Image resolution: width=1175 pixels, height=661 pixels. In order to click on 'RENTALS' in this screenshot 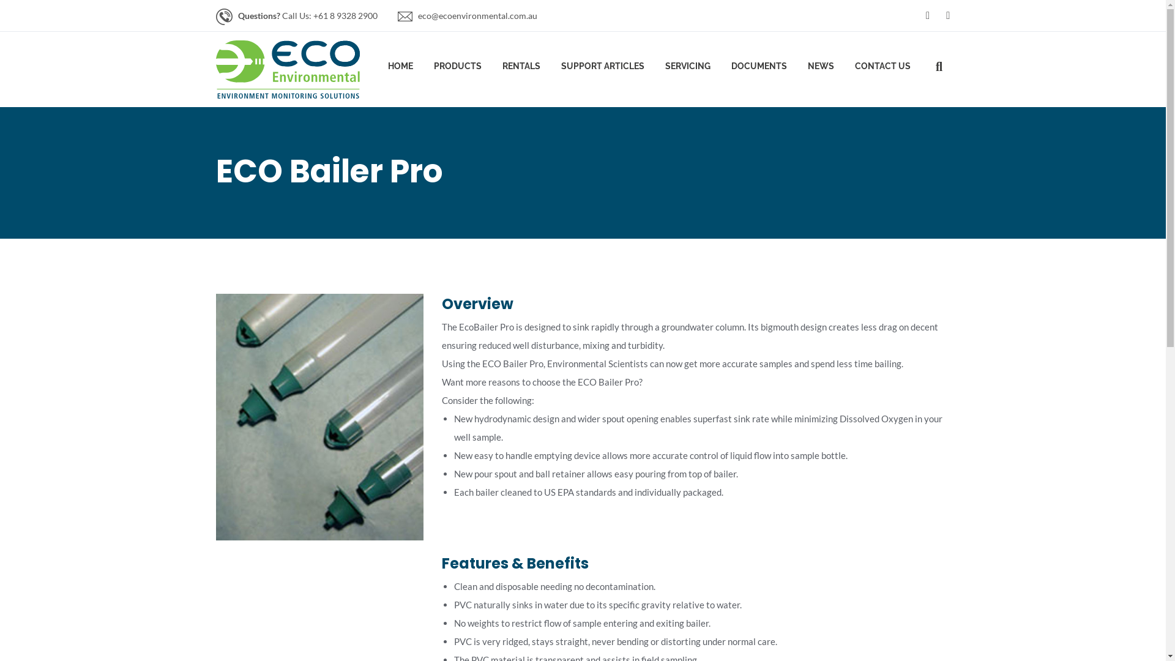, I will do `click(520, 69)`.